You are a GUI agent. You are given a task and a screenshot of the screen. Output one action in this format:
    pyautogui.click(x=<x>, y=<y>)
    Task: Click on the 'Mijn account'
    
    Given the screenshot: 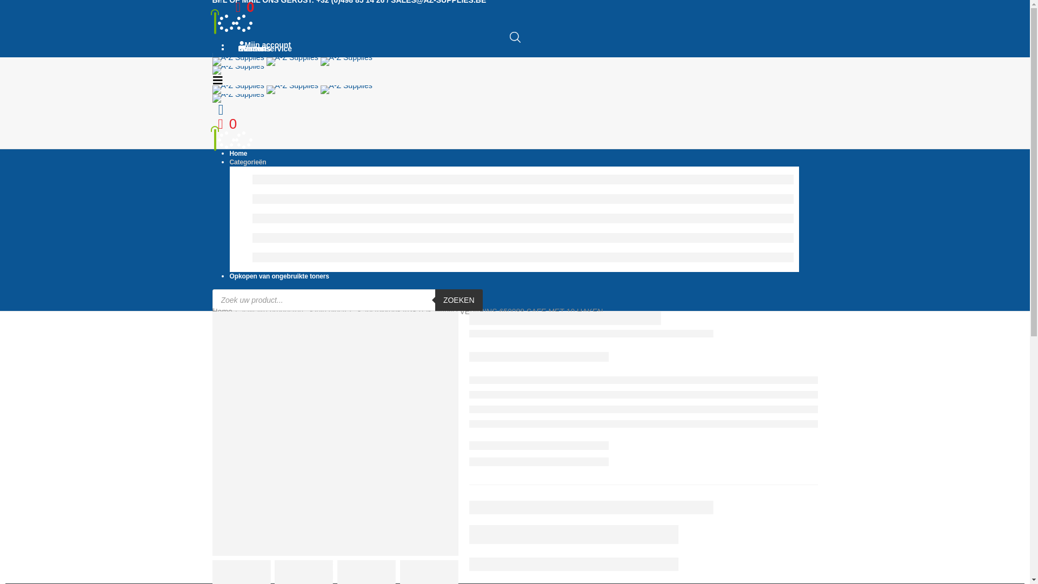 What is the action you would take?
    pyautogui.click(x=220, y=110)
    